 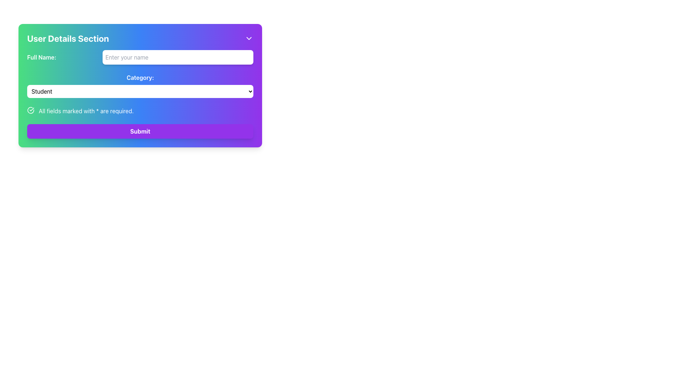 What do you see at coordinates (86, 111) in the screenshot?
I see `the informational text label indicating mandatory fields, positioned near the bottom of the interface, below input fields and above the 'Submit' button` at bounding box center [86, 111].